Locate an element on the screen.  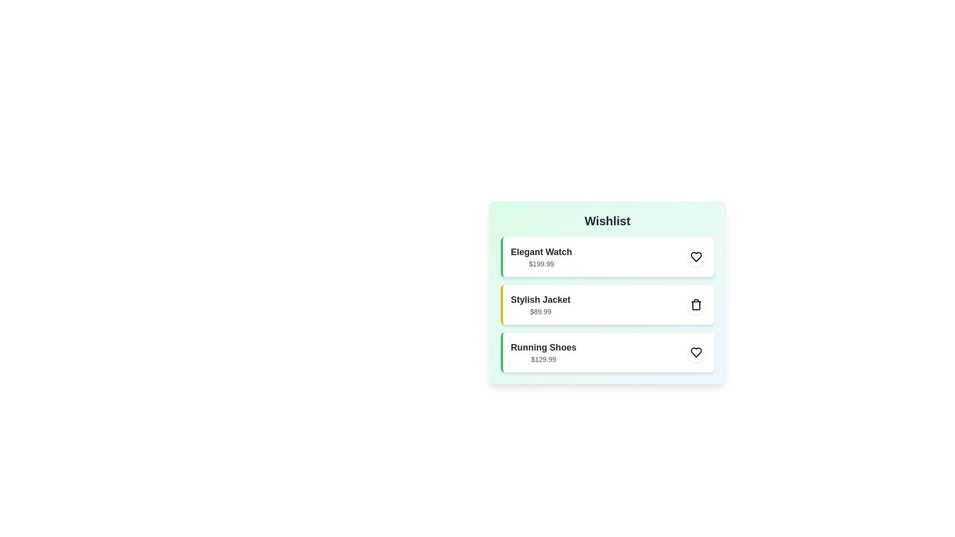
toggle button for the item Stylish Jacket to change its wishlist status is located at coordinates (696, 304).